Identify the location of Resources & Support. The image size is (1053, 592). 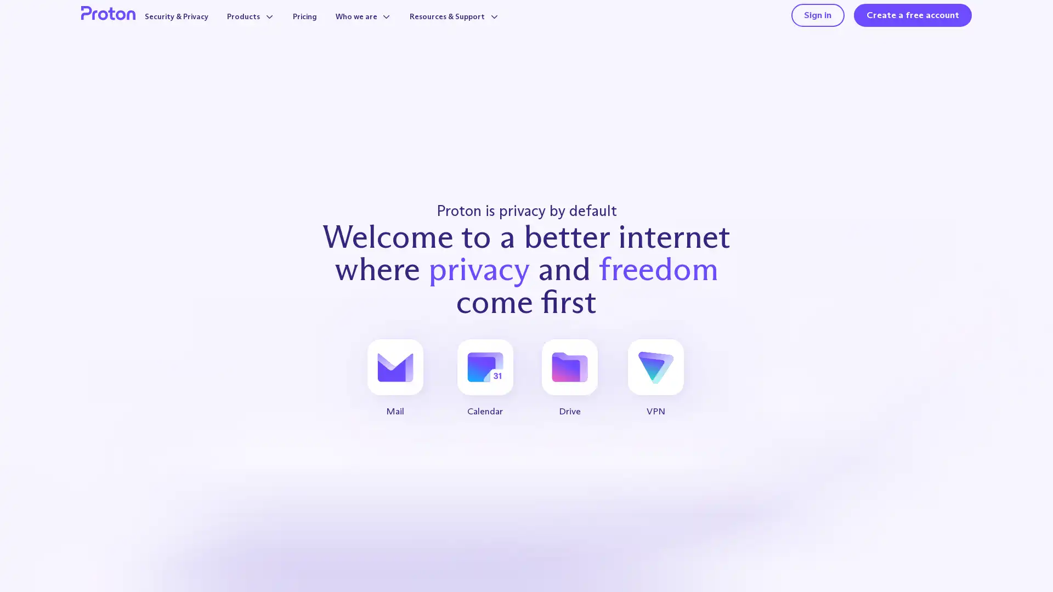
(474, 28).